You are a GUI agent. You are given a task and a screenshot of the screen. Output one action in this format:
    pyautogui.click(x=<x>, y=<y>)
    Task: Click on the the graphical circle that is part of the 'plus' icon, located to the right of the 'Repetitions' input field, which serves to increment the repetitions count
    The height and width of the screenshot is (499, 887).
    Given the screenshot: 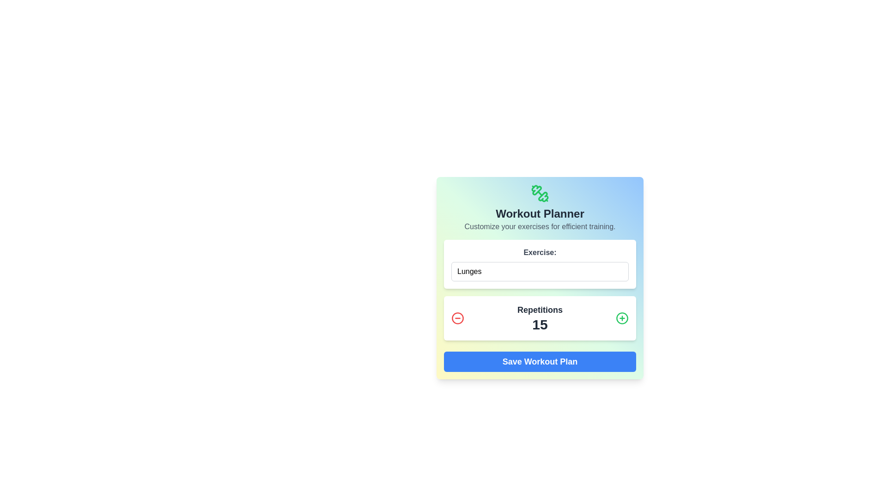 What is the action you would take?
    pyautogui.click(x=622, y=318)
    